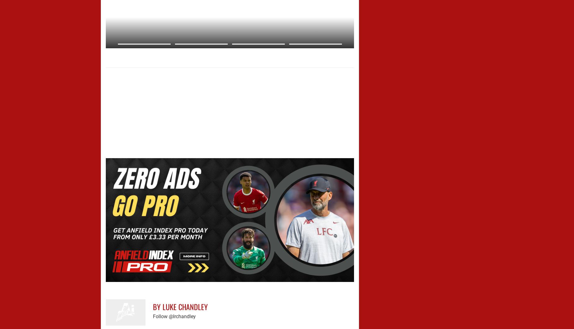 The width and height of the screenshot is (574, 329). I want to click on 'Journalist: Lavia Agrees 5 Year Liverpool Deal, Medical Next', so click(105, 53).